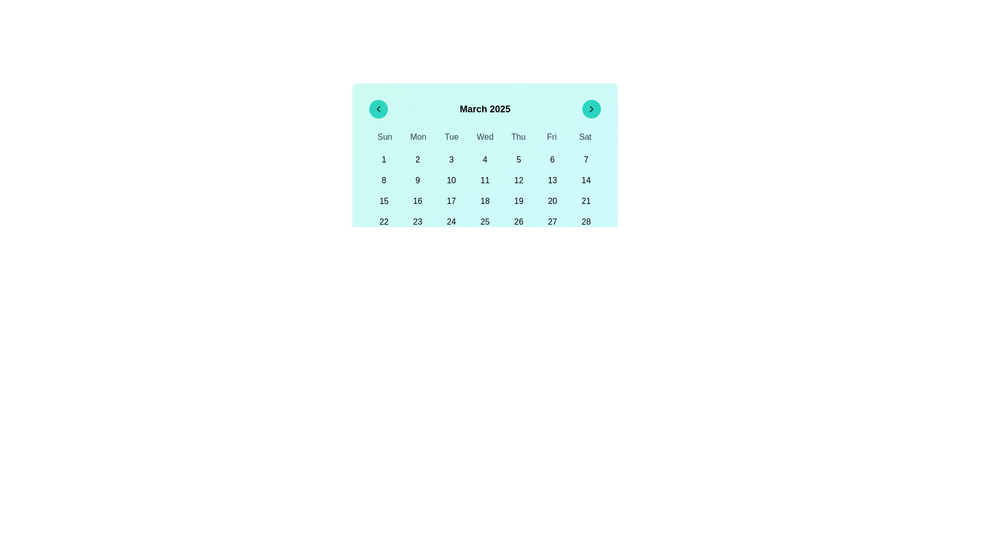  What do you see at coordinates (591, 109) in the screenshot?
I see `the right arrow chevron icon located in the right circular button at the top-right corner of the calendar interface` at bounding box center [591, 109].